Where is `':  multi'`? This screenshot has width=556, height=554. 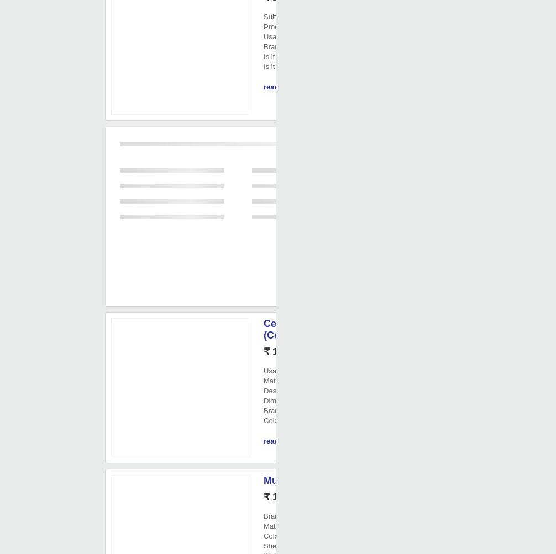
':  multi' is located at coordinates (290, 535).